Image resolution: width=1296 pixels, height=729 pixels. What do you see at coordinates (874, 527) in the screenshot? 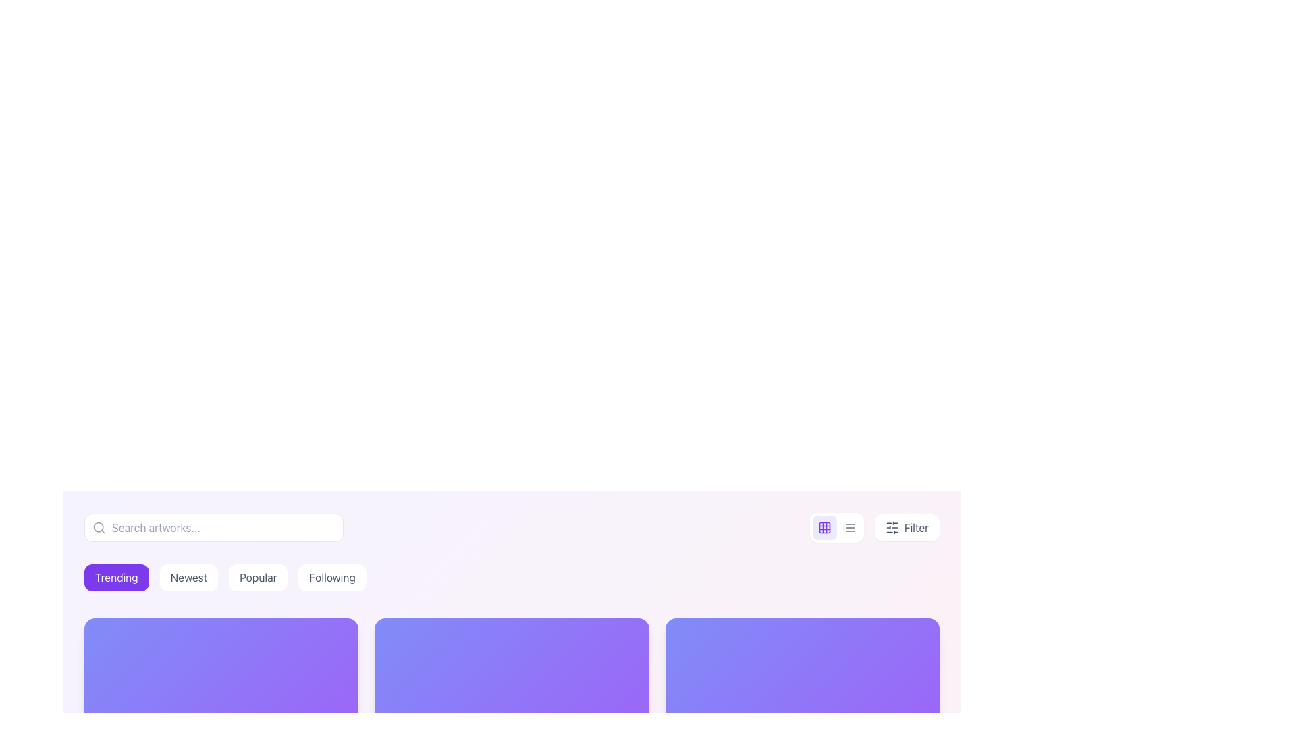
I see `the button located at the far right of the horizontal button group` at bounding box center [874, 527].